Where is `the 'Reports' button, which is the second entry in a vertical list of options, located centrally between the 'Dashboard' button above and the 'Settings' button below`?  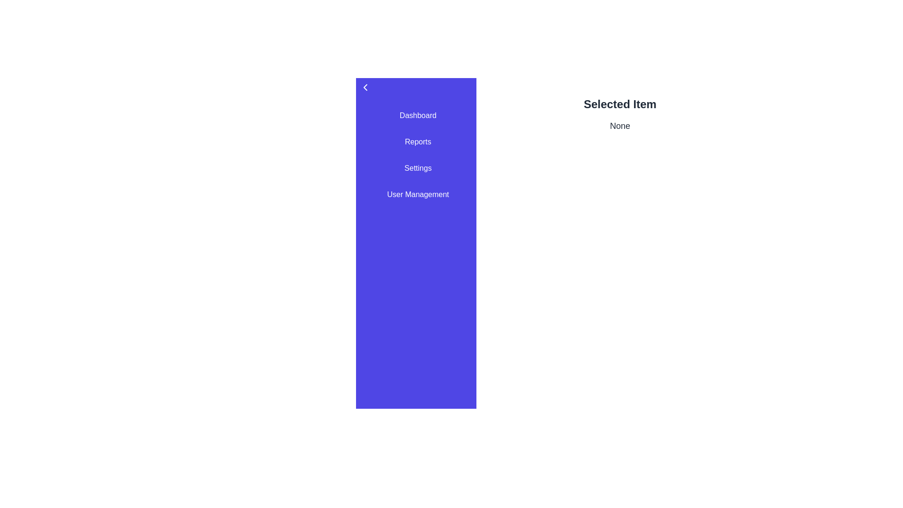 the 'Reports' button, which is the second entry in a vertical list of options, located centrally between the 'Dashboard' button above and the 'Settings' button below is located at coordinates (417, 142).